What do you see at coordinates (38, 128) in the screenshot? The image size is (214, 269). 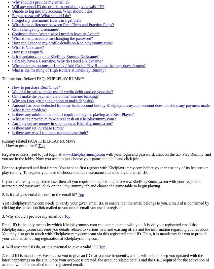 I see `'Is there any set Purchase Limit?'` at bounding box center [38, 128].